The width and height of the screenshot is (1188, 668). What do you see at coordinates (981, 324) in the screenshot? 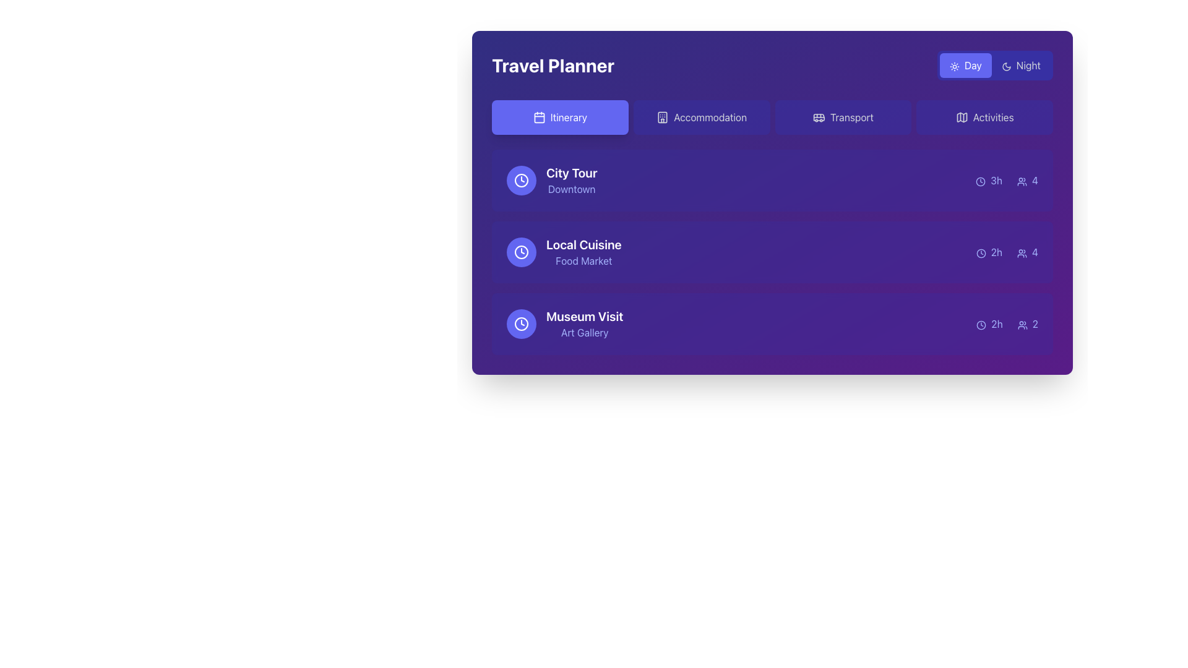
I see `the clock icon's circular element located in the bottom right corner of the 'Museum Visit' section in the 'Travel Planner' interface` at bounding box center [981, 324].